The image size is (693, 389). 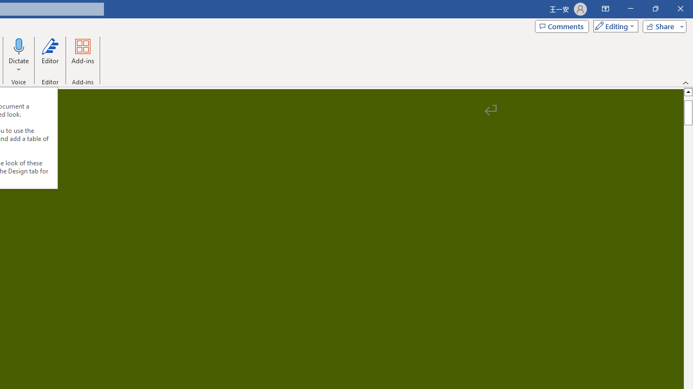 I want to click on 'Page up', so click(x=688, y=98).